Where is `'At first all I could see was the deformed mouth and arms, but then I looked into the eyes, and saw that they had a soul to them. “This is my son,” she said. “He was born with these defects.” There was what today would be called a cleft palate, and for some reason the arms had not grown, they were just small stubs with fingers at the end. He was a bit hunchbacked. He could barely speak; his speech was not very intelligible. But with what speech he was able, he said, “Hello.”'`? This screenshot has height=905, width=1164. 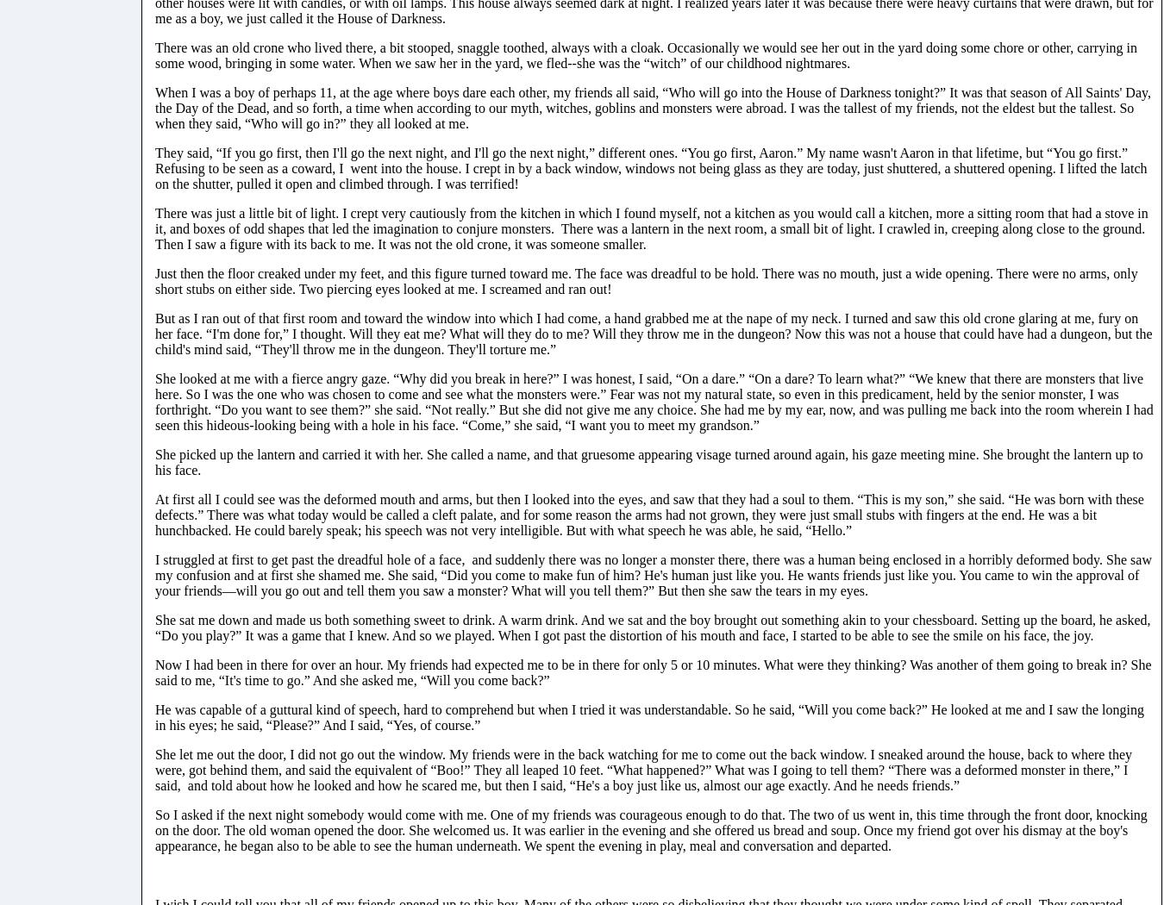
'At first all I could see was the deformed mouth and arms, but then I looked into the eyes, and saw that they had a soul to them. “This is my son,” she said. “He was born with these defects.” There was what today would be called a cleft palate, and for some reason the arms had not grown, they were just small stubs with fingers at the end. He was a bit hunchbacked. He could barely speak; his speech was not very intelligible. But with what speech he was able, he said, “Hello.”' is located at coordinates (648, 513).